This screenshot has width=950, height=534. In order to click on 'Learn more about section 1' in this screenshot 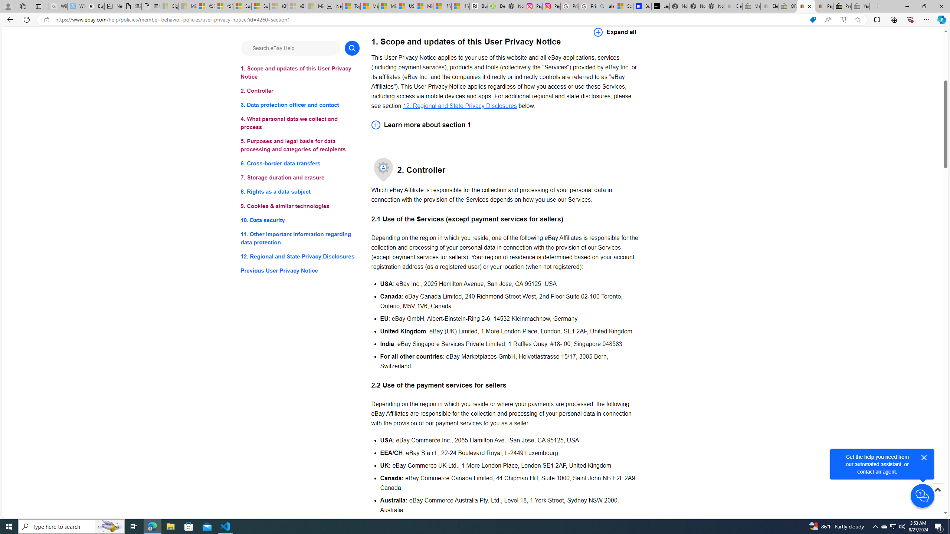, I will do `click(505, 125)`.